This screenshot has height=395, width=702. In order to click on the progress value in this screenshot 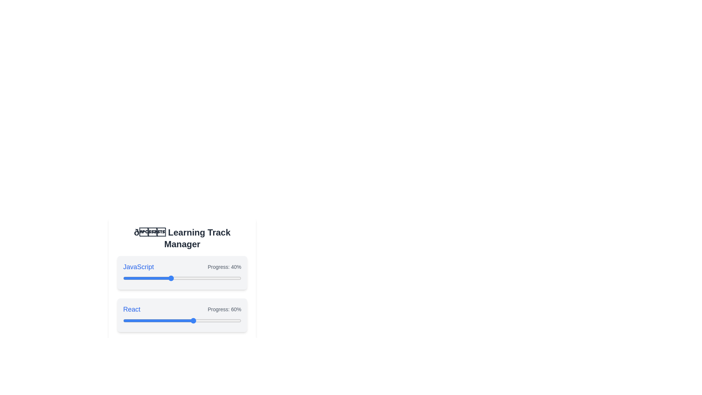, I will do `click(161, 320)`.